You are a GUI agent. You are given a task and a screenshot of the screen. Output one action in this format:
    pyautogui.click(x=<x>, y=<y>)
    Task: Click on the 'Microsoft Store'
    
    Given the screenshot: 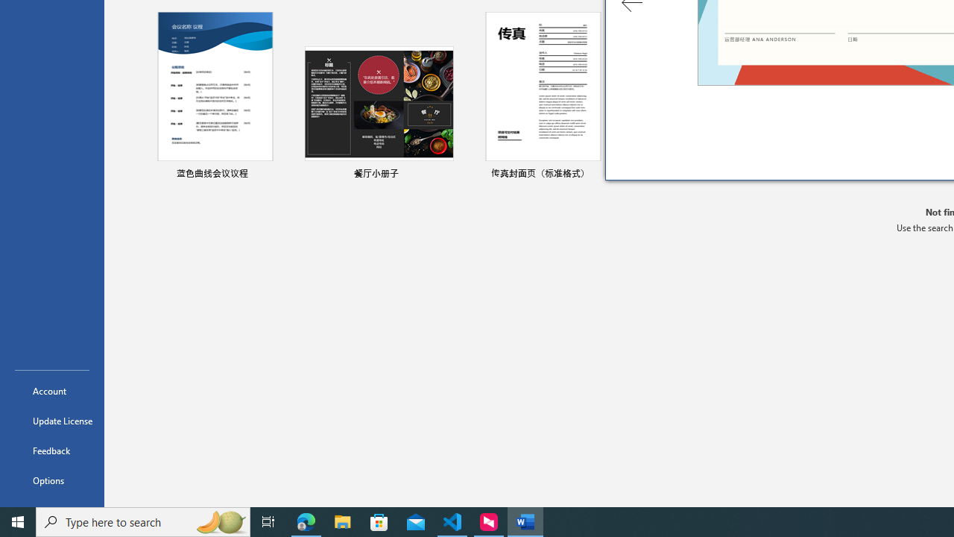 What is the action you would take?
    pyautogui.click(x=379, y=521)
    